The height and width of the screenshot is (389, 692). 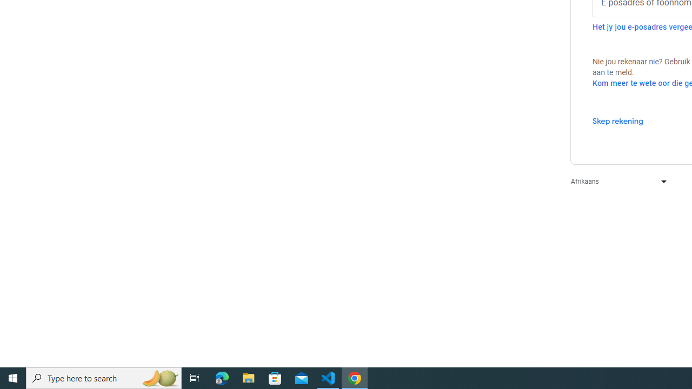 What do you see at coordinates (616, 180) in the screenshot?
I see `'Afrikaans'` at bounding box center [616, 180].